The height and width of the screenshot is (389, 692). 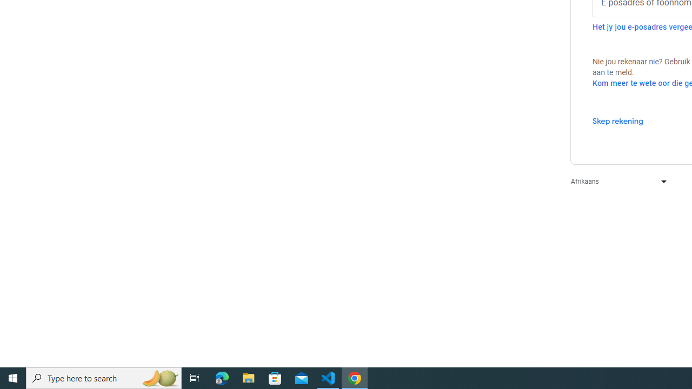 What do you see at coordinates (616, 180) in the screenshot?
I see `'Afrikaans'` at bounding box center [616, 180].